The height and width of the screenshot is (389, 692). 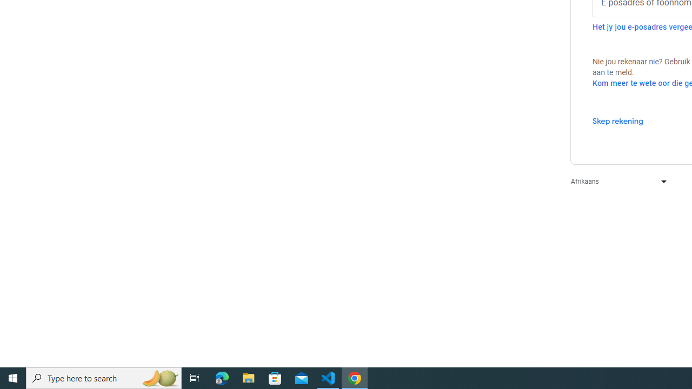 What do you see at coordinates (616, 180) in the screenshot?
I see `'Afrikaans'` at bounding box center [616, 180].